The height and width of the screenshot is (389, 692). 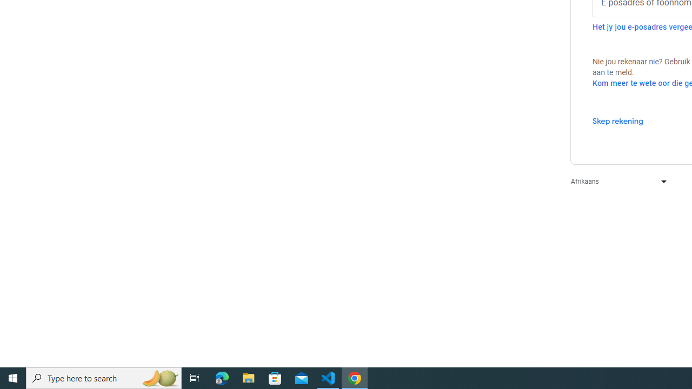 What do you see at coordinates (616, 180) in the screenshot?
I see `'Afrikaans'` at bounding box center [616, 180].